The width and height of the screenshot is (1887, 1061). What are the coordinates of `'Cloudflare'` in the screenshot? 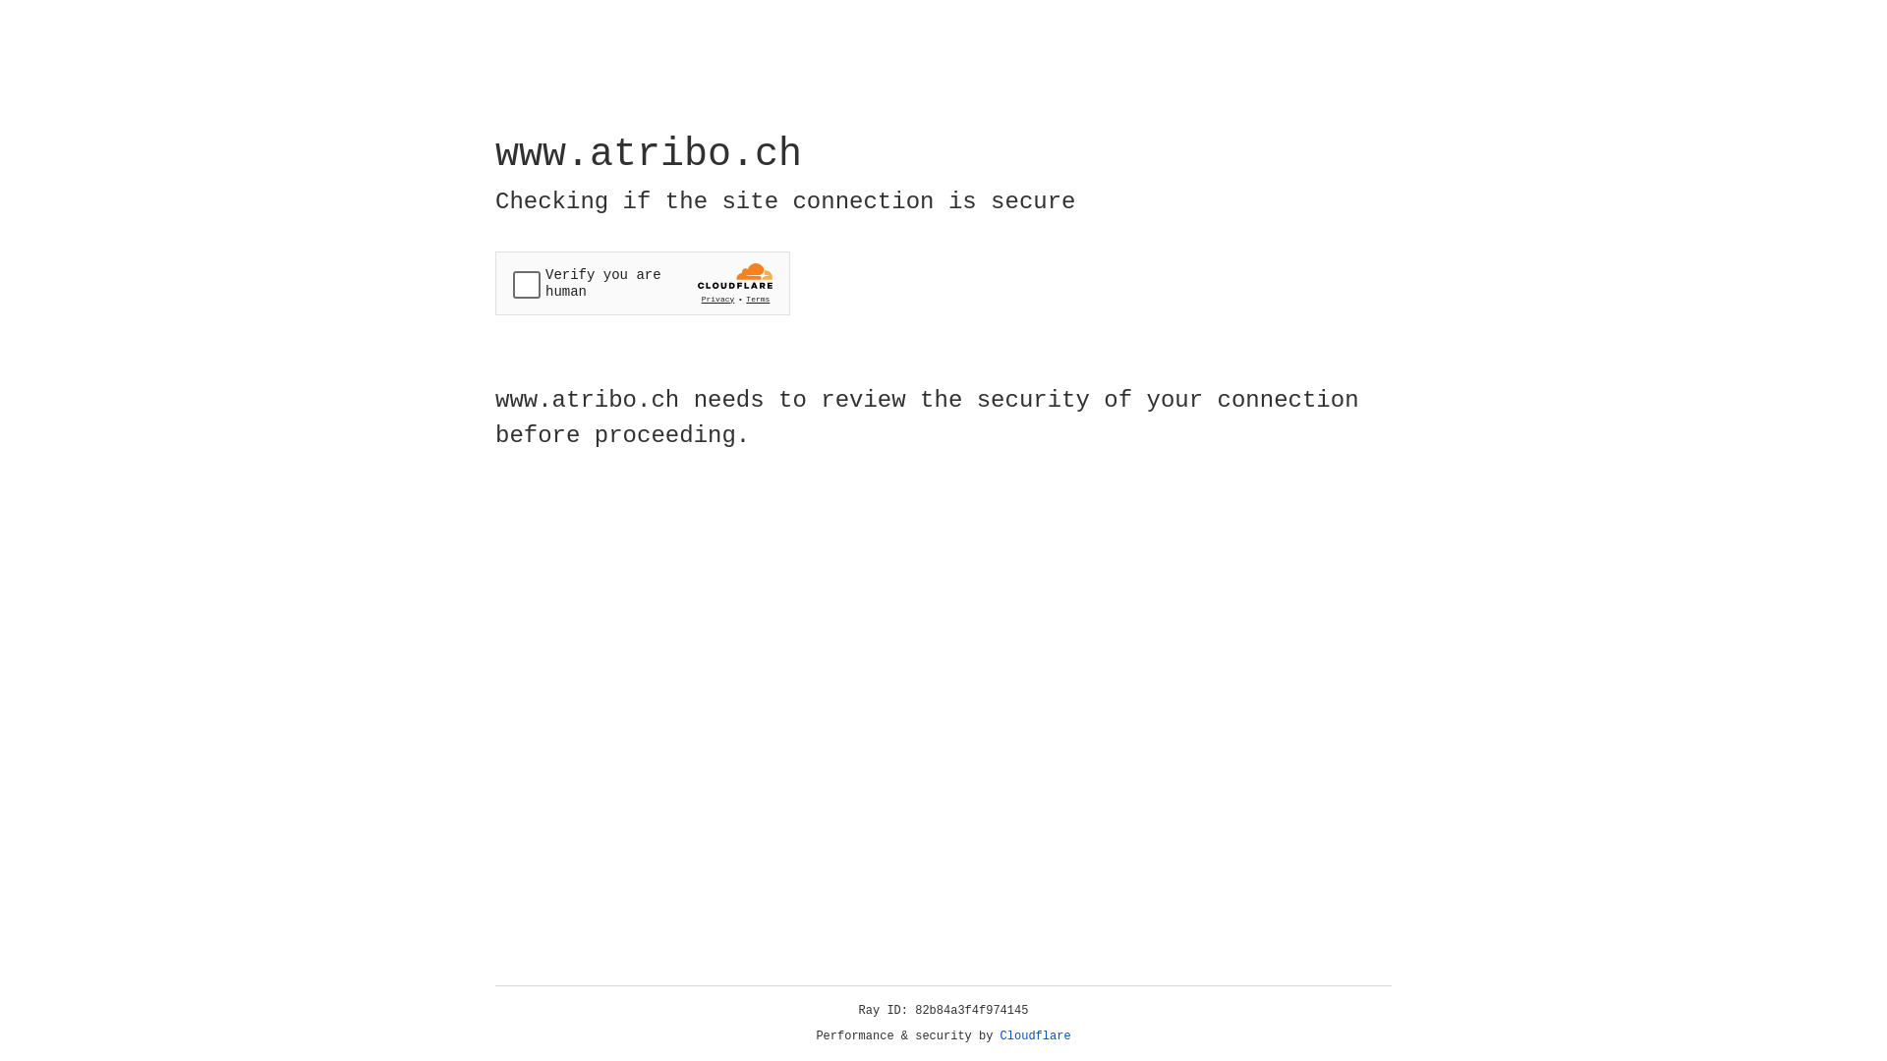 It's located at (1000, 1035).